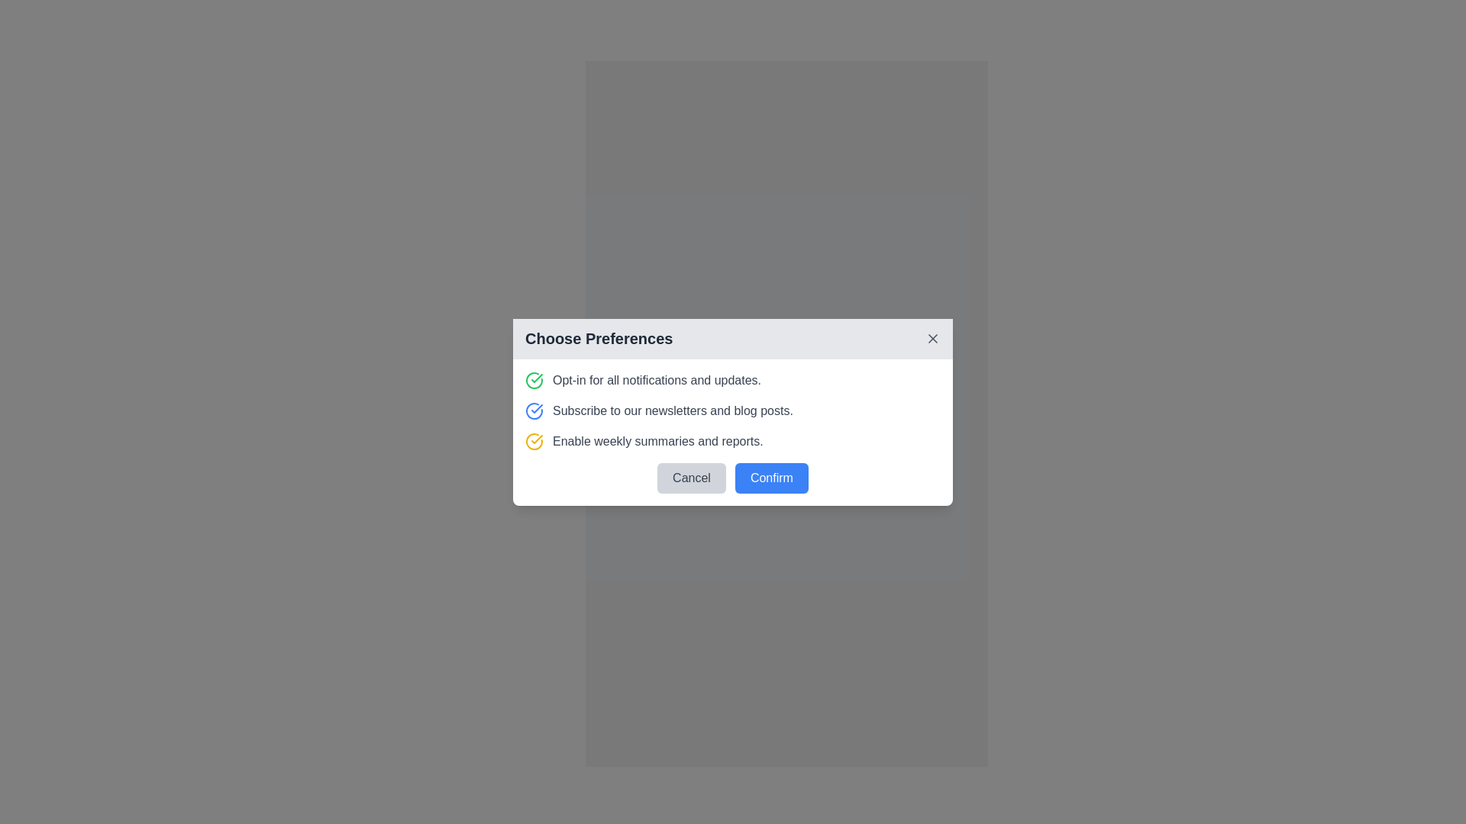 The width and height of the screenshot is (1466, 824). Describe the element at coordinates (733, 432) in the screenshot. I see `the toggleable option within the 'Choose Preferences' section of the modal dialog` at that location.